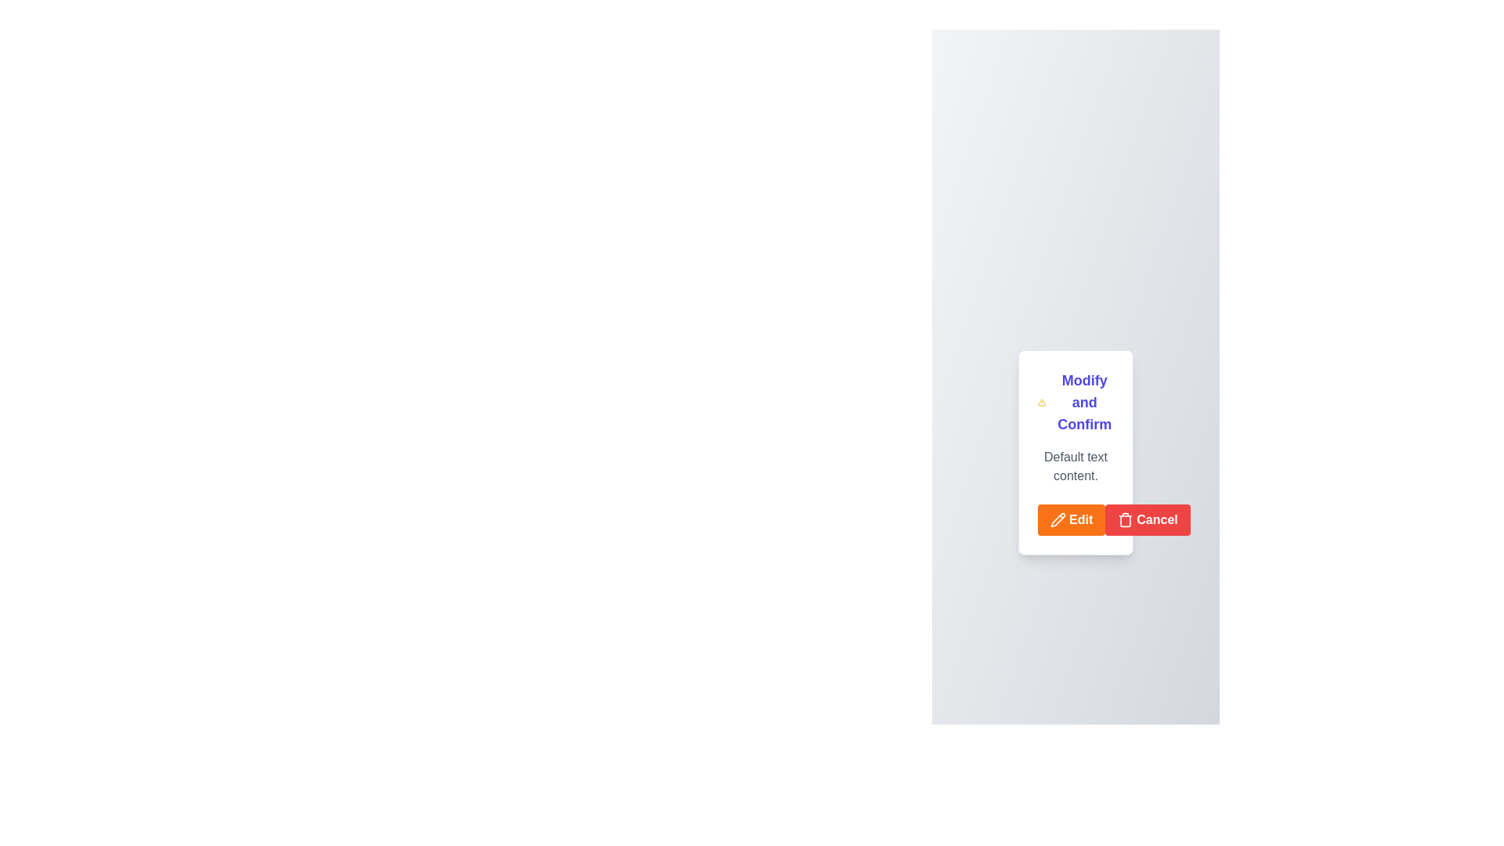 The height and width of the screenshot is (846, 1504). What do you see at coordinates (1058, 519) in the screenshot?
I see `the edit icon on the left side of the orange 'Edit' button located in the lower section of the card labeled 'Modify and Confirm'` at bounding box center [1058, 519].